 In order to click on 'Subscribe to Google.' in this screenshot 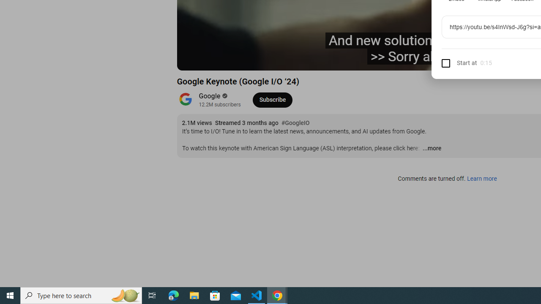, I will do `click(272, 99)`.